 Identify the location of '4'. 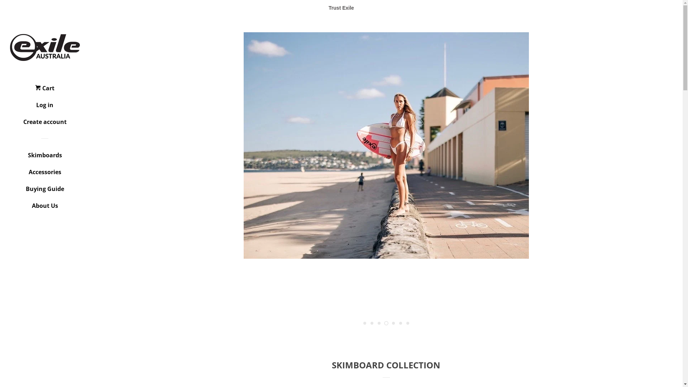
(383, 323).